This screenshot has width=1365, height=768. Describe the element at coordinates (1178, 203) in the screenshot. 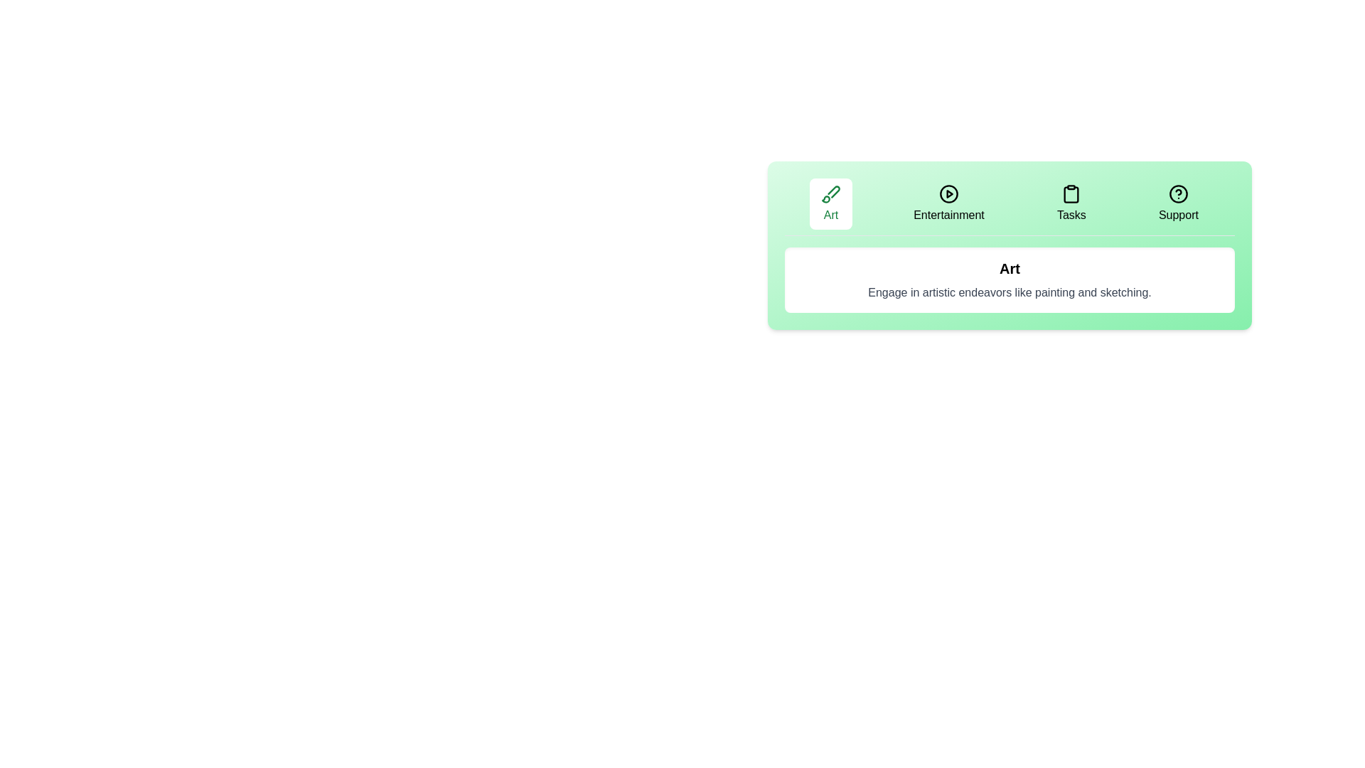

I see `the 'Support' button, which is the fourth button from the left in a horizontal group of buttons, to trigger hover effects` at that location.